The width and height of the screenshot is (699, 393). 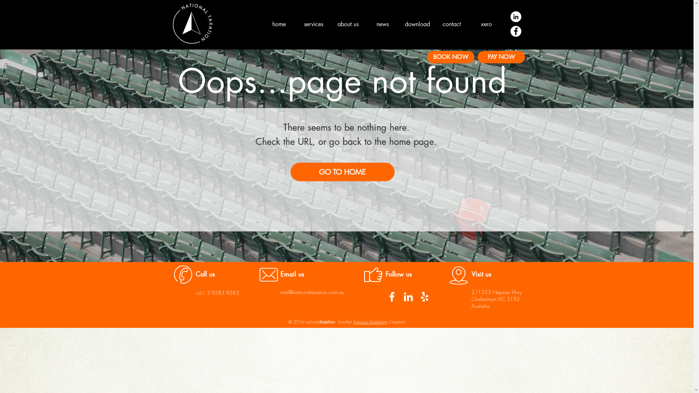 I want to click on 'BOOK NOW', so click(x=450, y=57).